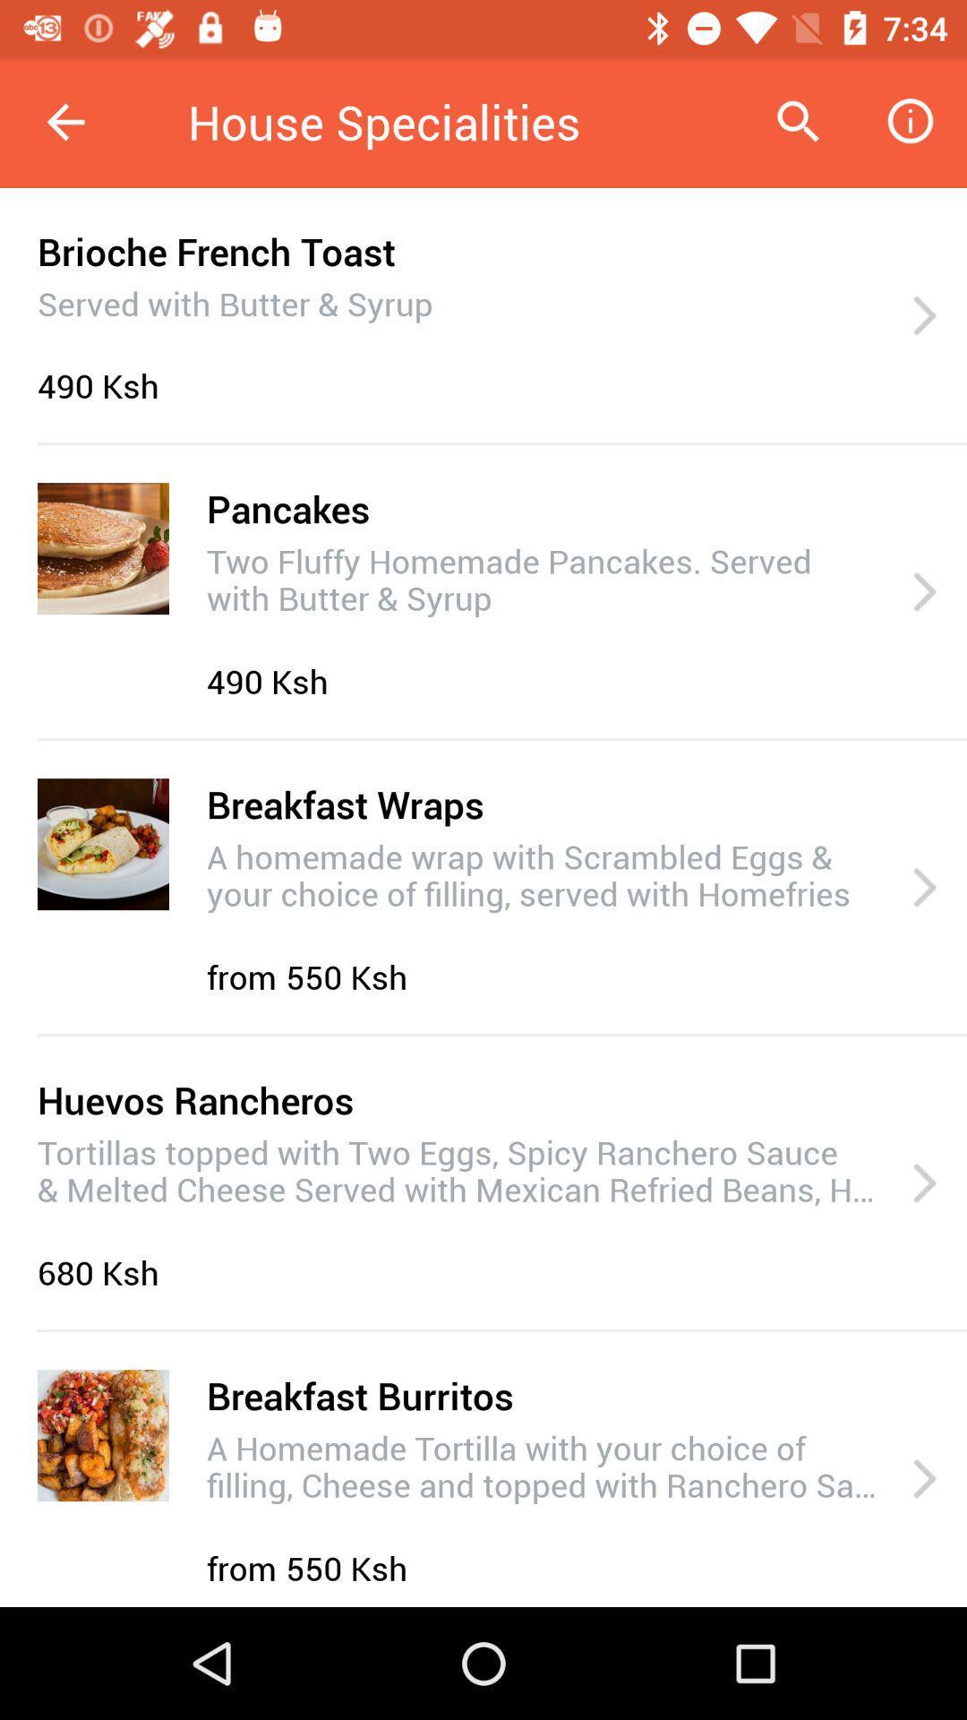  I want to click on the icon to the left of house specialities, so click(64, 121).